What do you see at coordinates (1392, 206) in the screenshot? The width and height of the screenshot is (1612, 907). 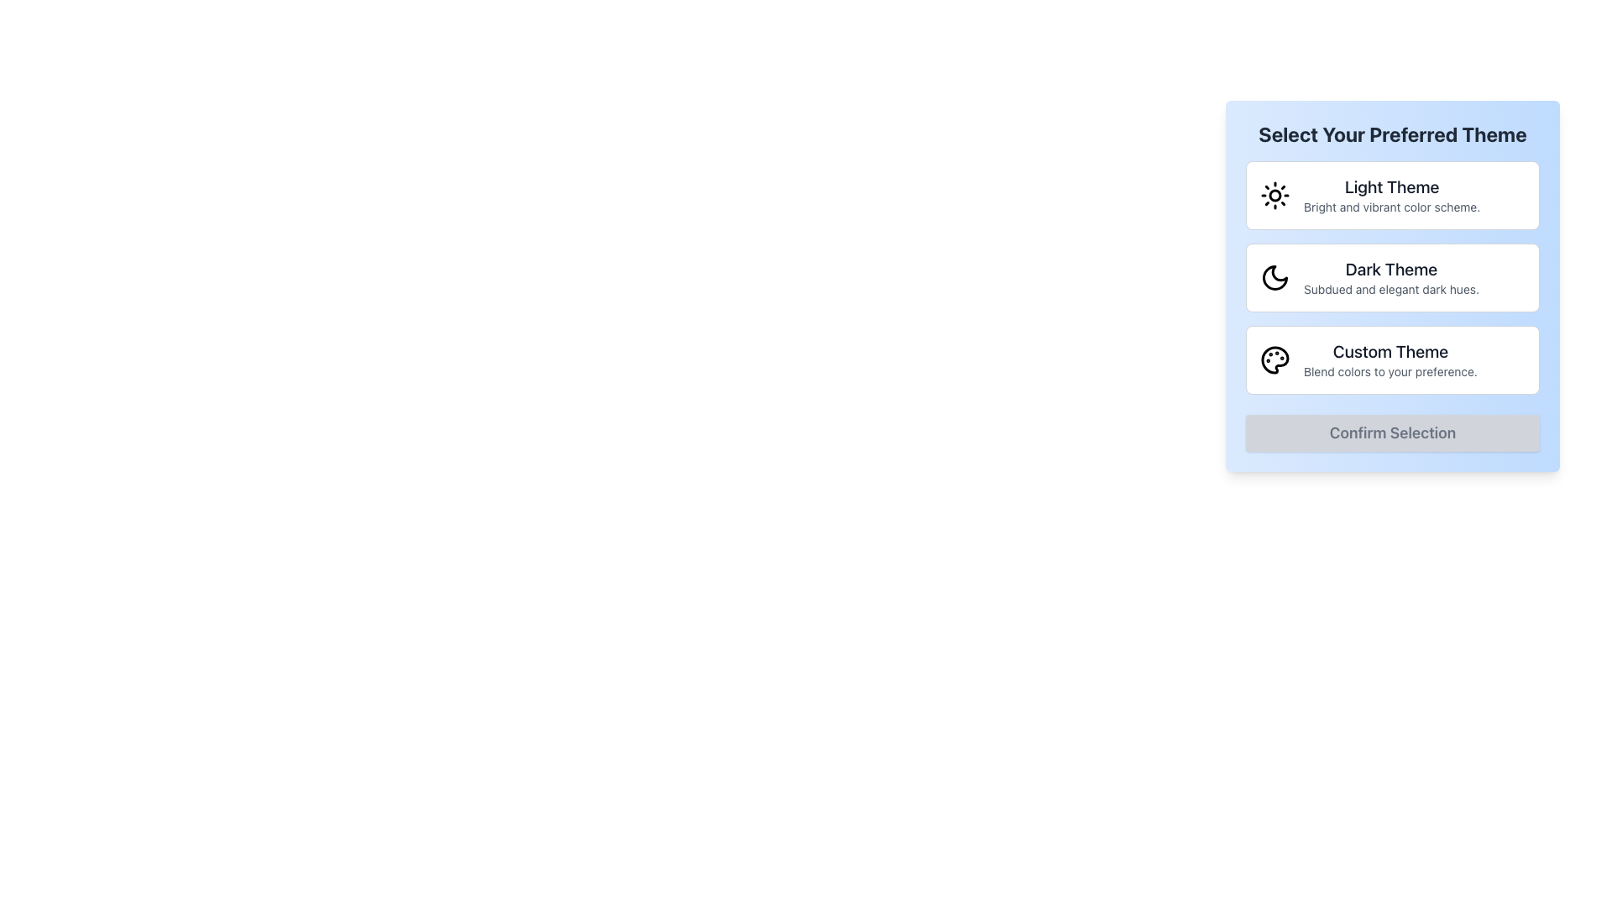 I see `the text label displaying 'Bright and vibrant color scheme.' located beneath the title 'Light Theme' in the first theme option` at bounding box center [1392, 206].